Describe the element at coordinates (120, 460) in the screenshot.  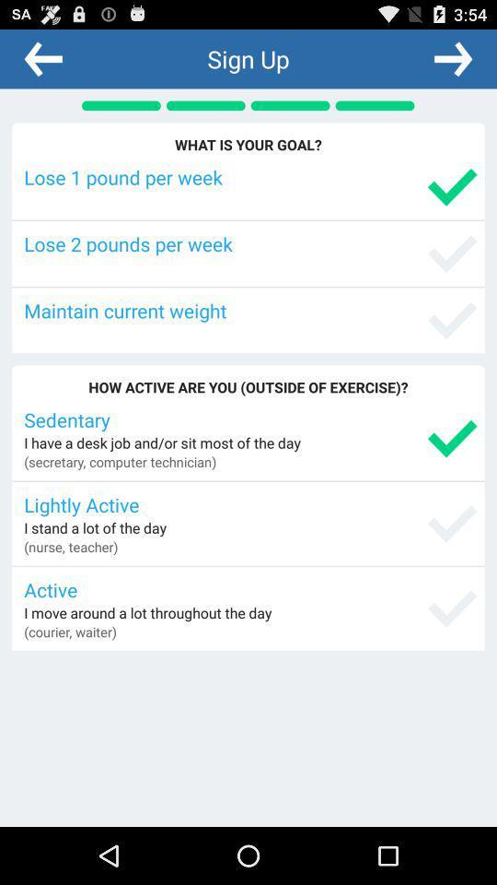
I see `the app above the lightly active item` at that location.